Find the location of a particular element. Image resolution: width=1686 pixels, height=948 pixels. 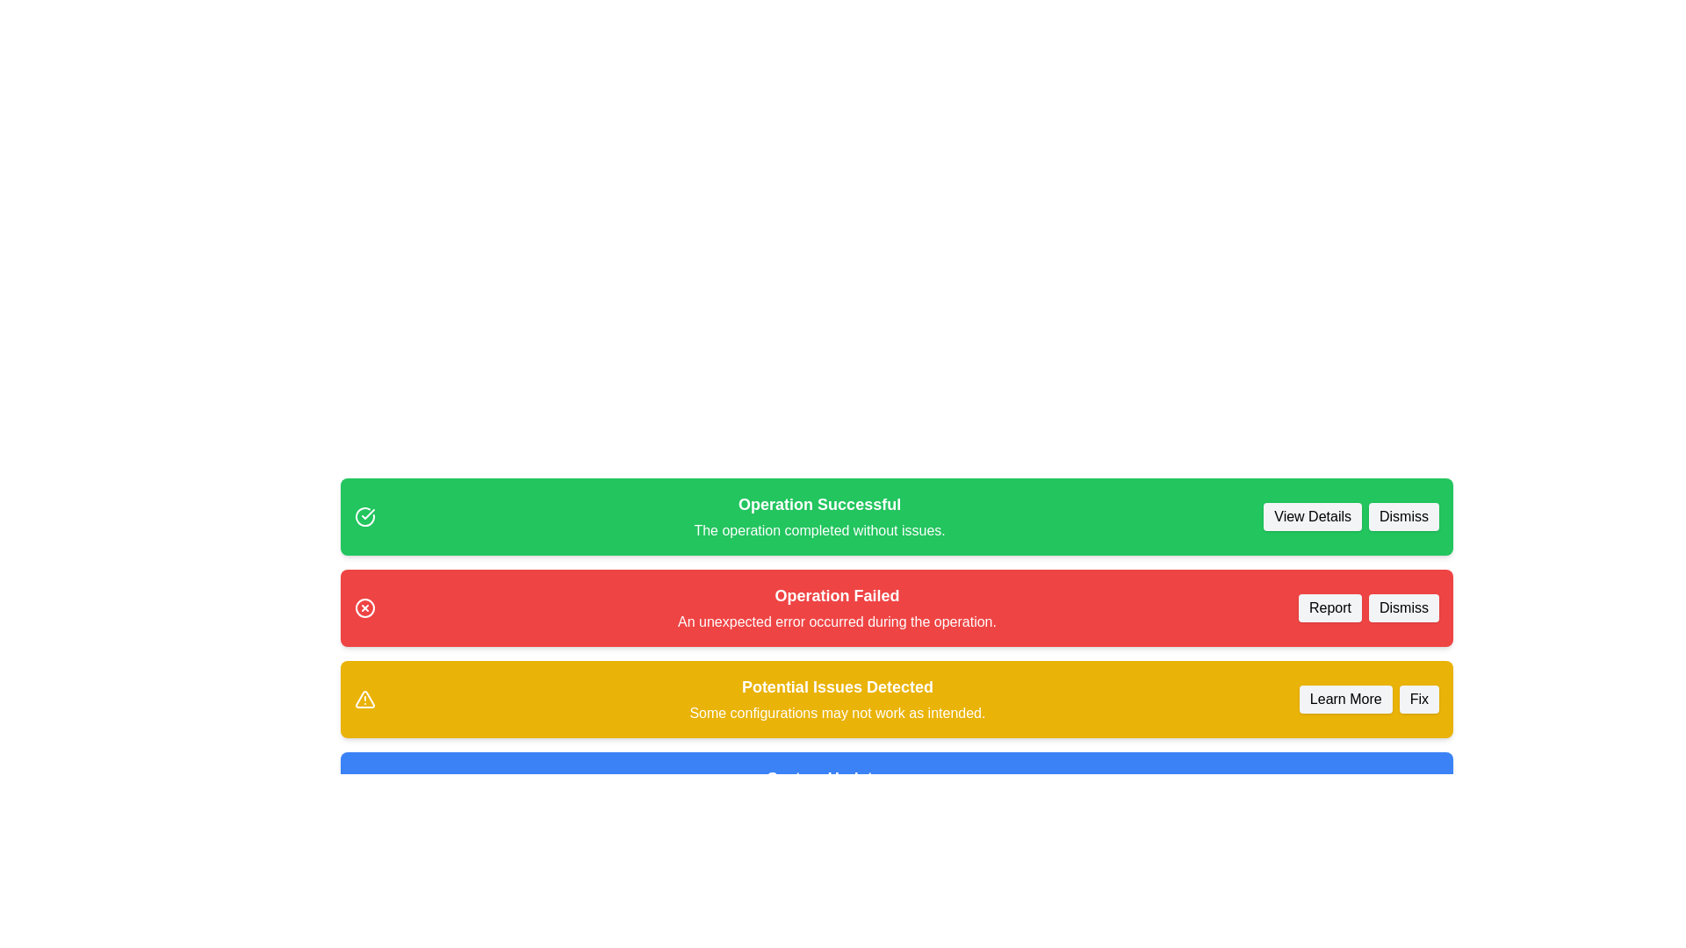

the visual status of the error icon located at the leftmost side of the red alert box labeled 'Operation Failed' is located at coordinates (364, 607).